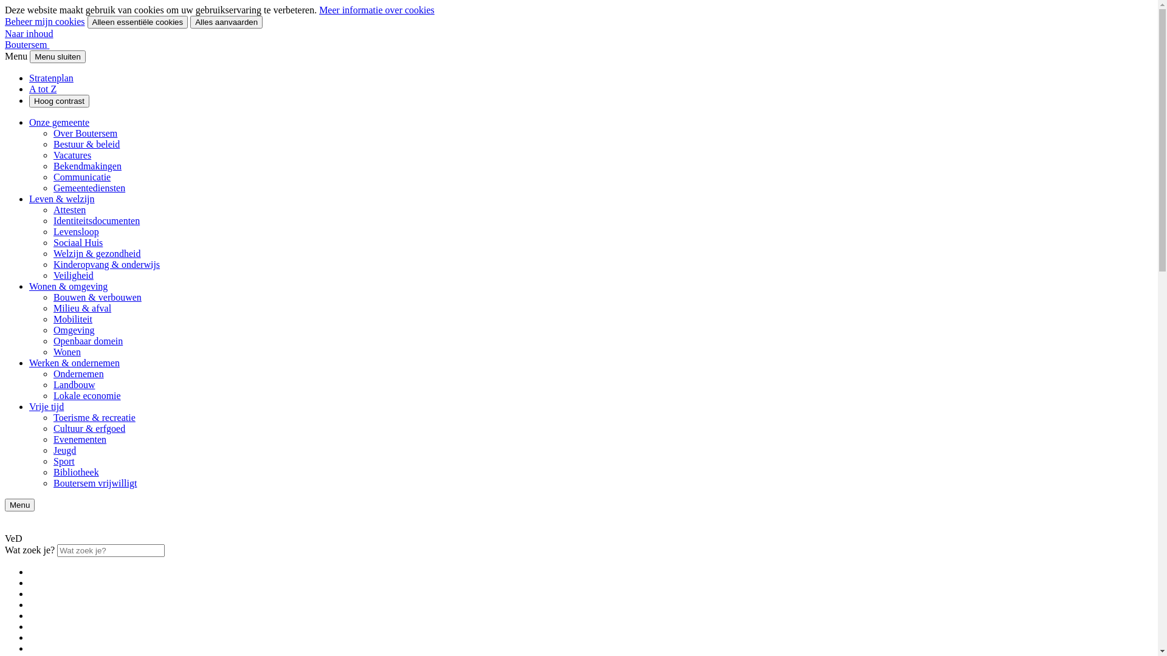 Image resolution: width=1167 pixels, height=656 pixels. What do you see at coordinates (78, 373) in the screenshot?
I see `'Ondernemen'` at bounding box center [78, 373].